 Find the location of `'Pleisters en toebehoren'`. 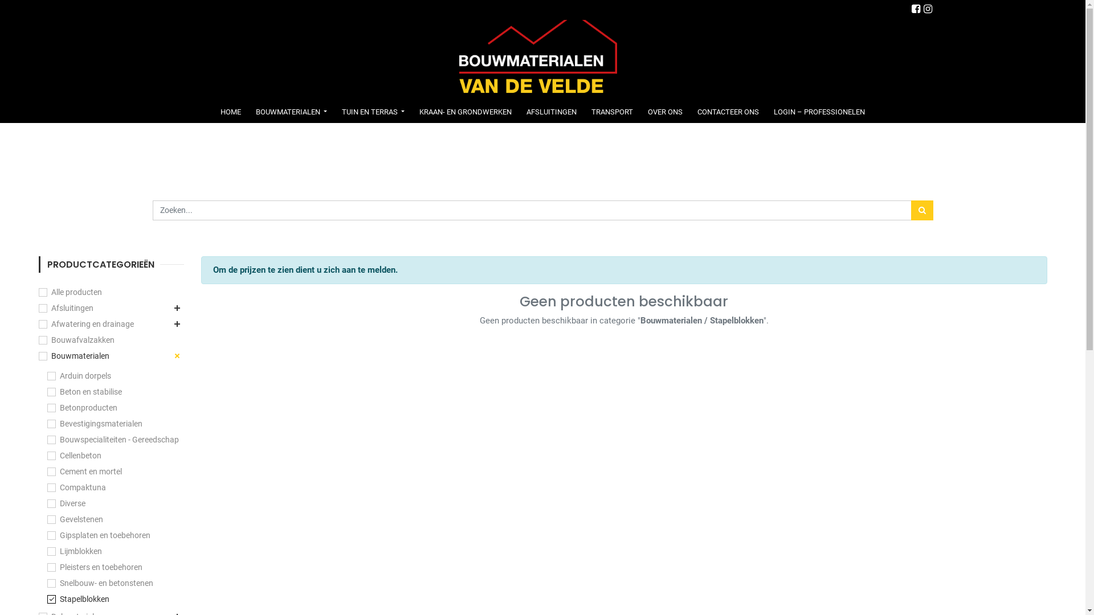

'Pleisters en toebehoren' is located at coordinates (46, 567).